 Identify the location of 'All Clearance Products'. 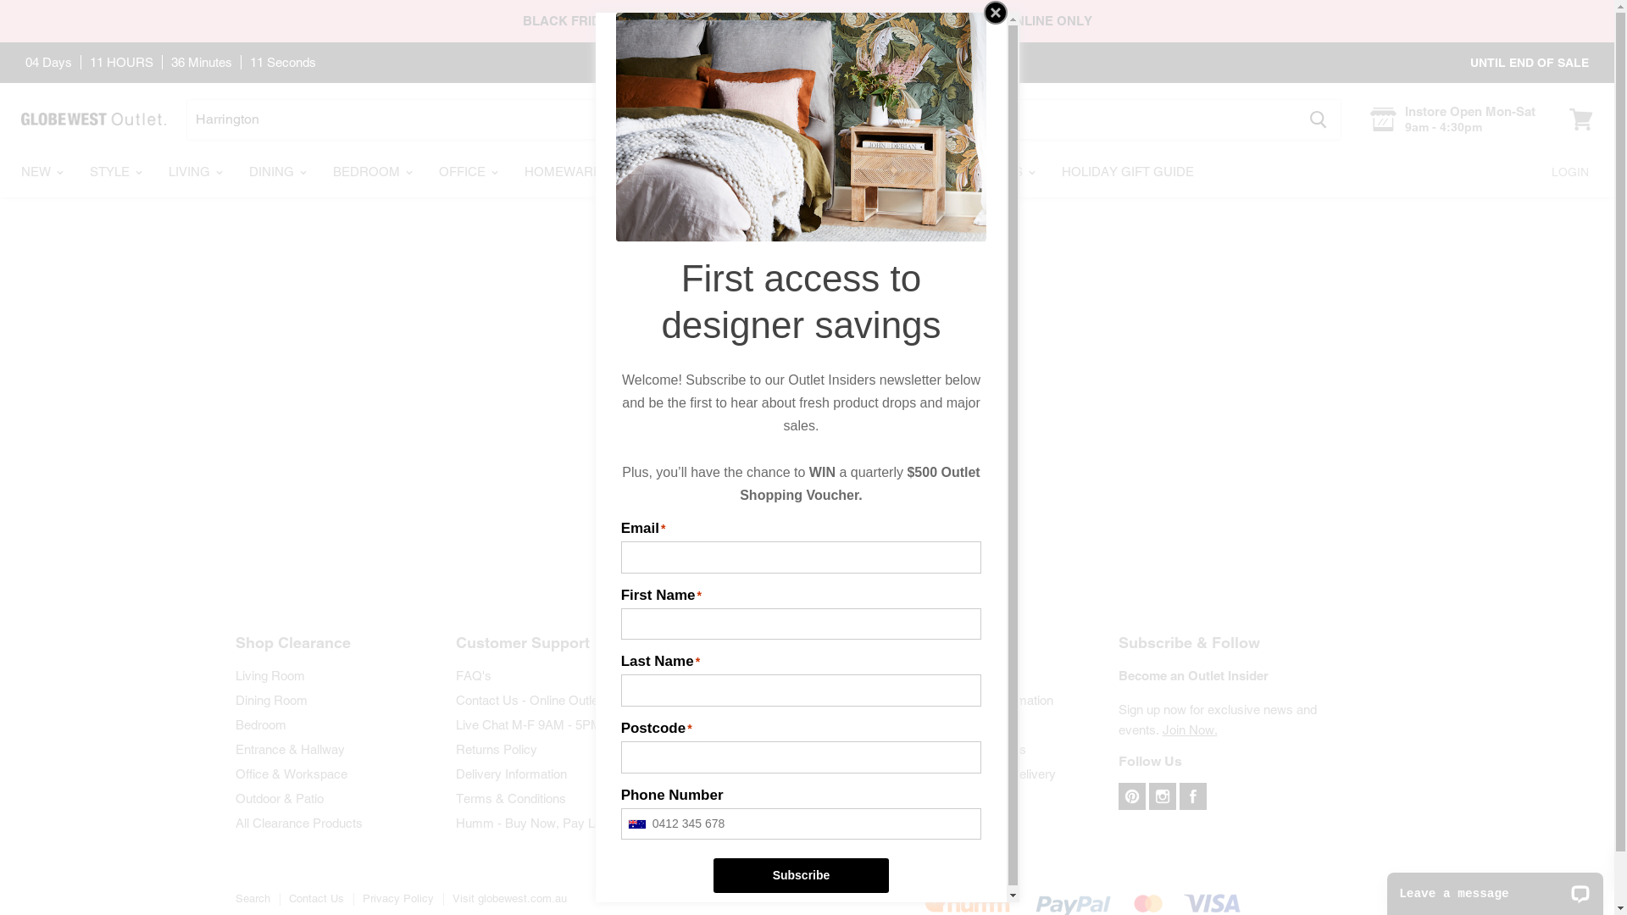
(299, 822).